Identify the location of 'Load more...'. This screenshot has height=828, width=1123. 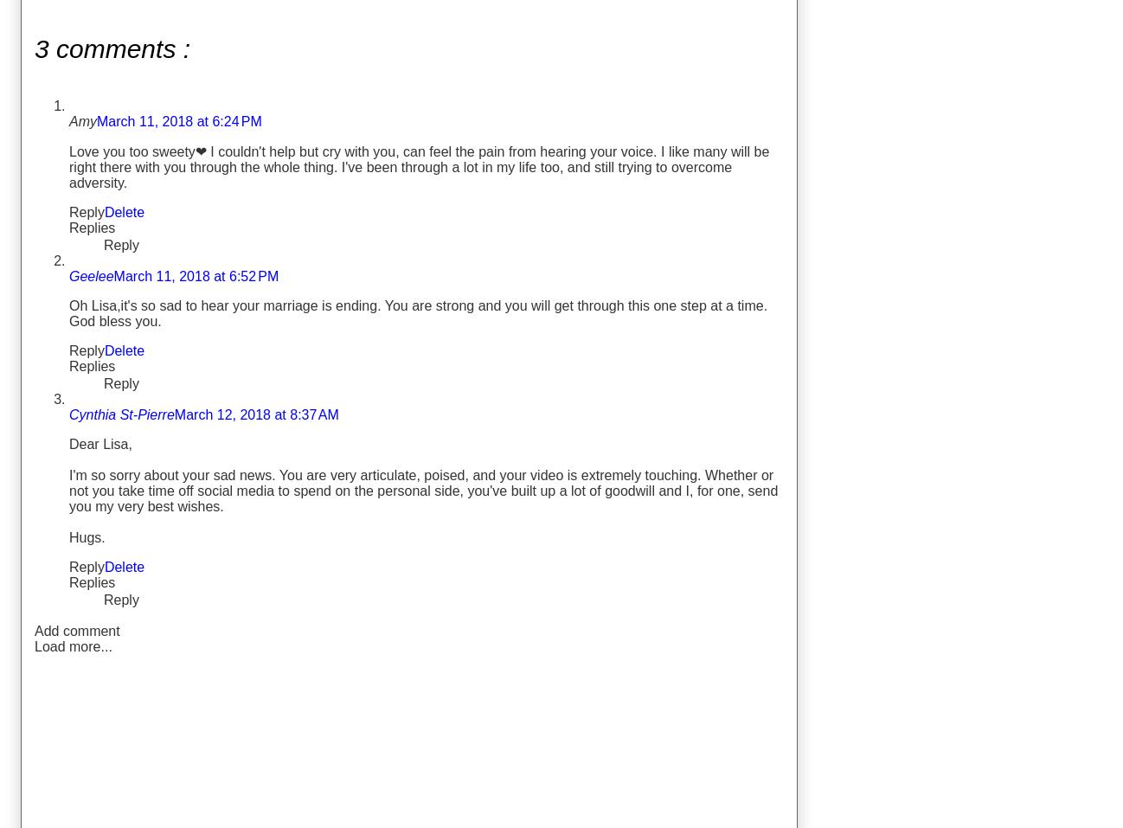
(73, 645).